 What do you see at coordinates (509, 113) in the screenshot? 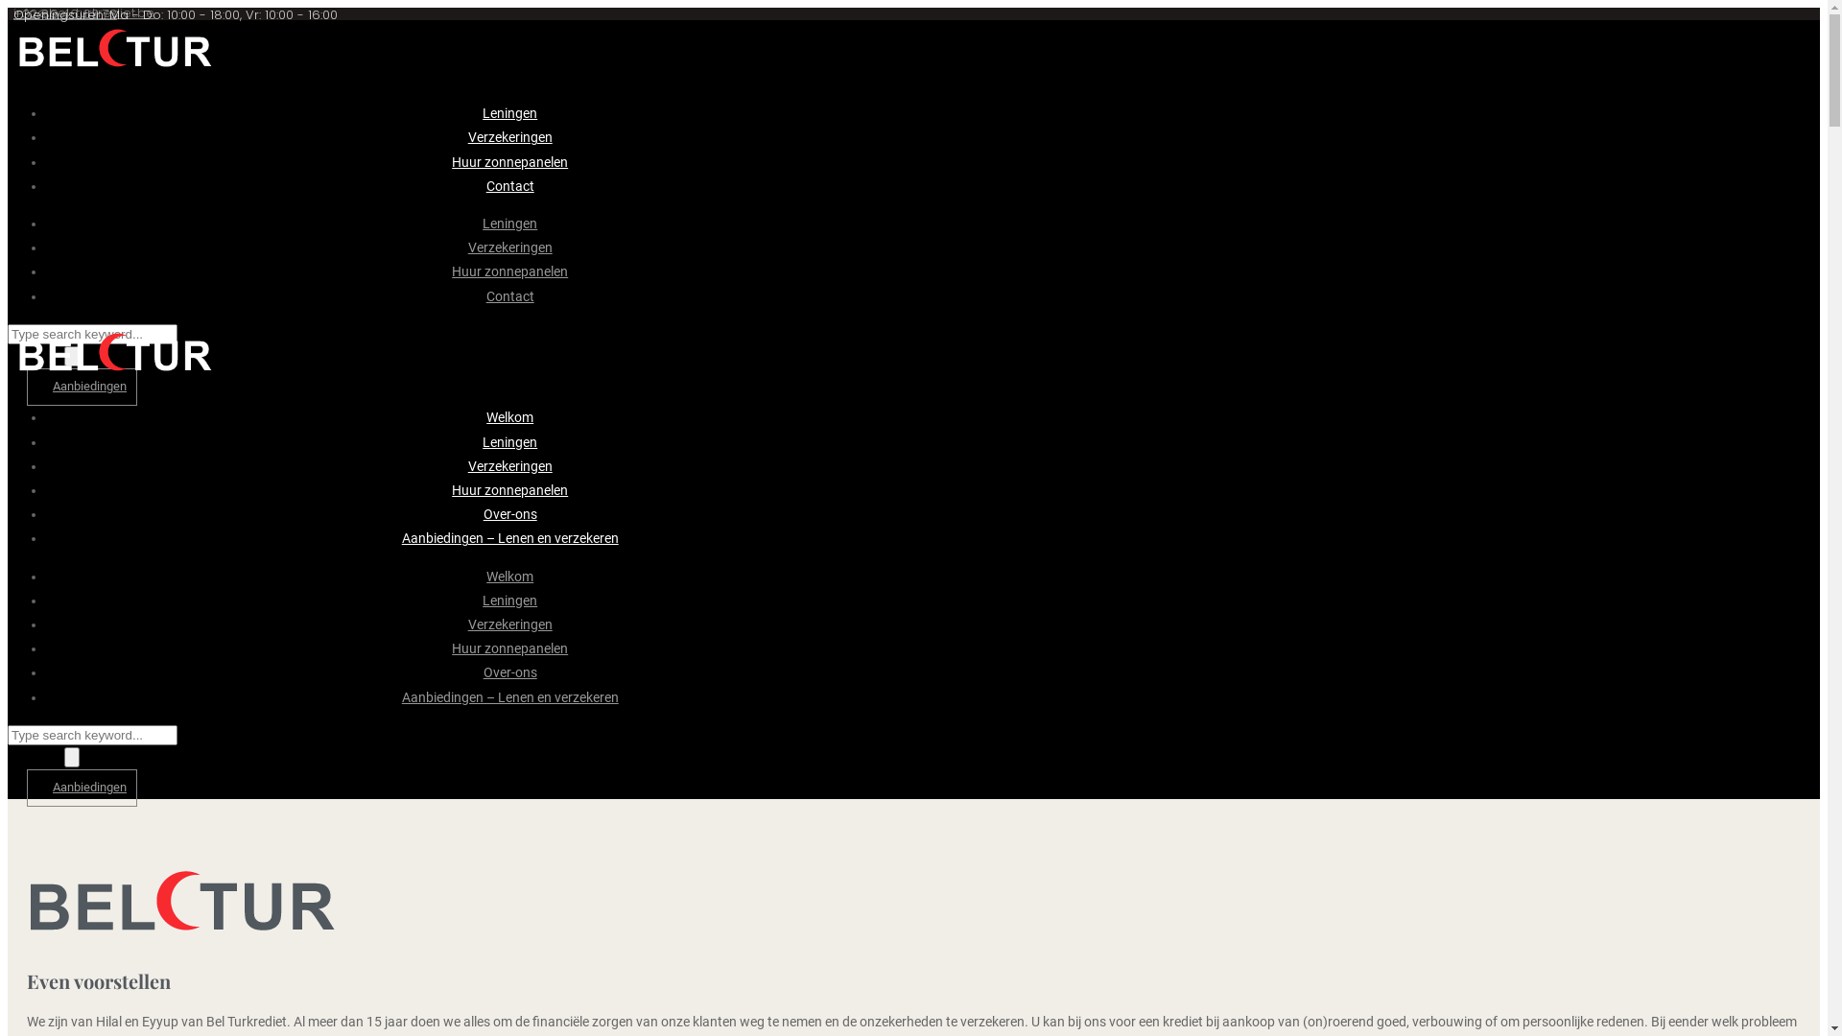
I see `'Leningen'` at bounding box center [509, 113].